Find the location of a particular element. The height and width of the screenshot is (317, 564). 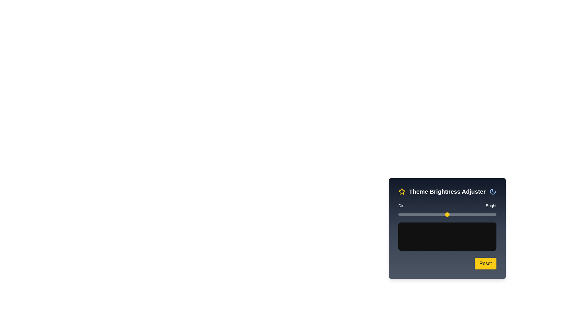

the brightness slider to 46% and observe the preview area is located at coordinates (443, 215).